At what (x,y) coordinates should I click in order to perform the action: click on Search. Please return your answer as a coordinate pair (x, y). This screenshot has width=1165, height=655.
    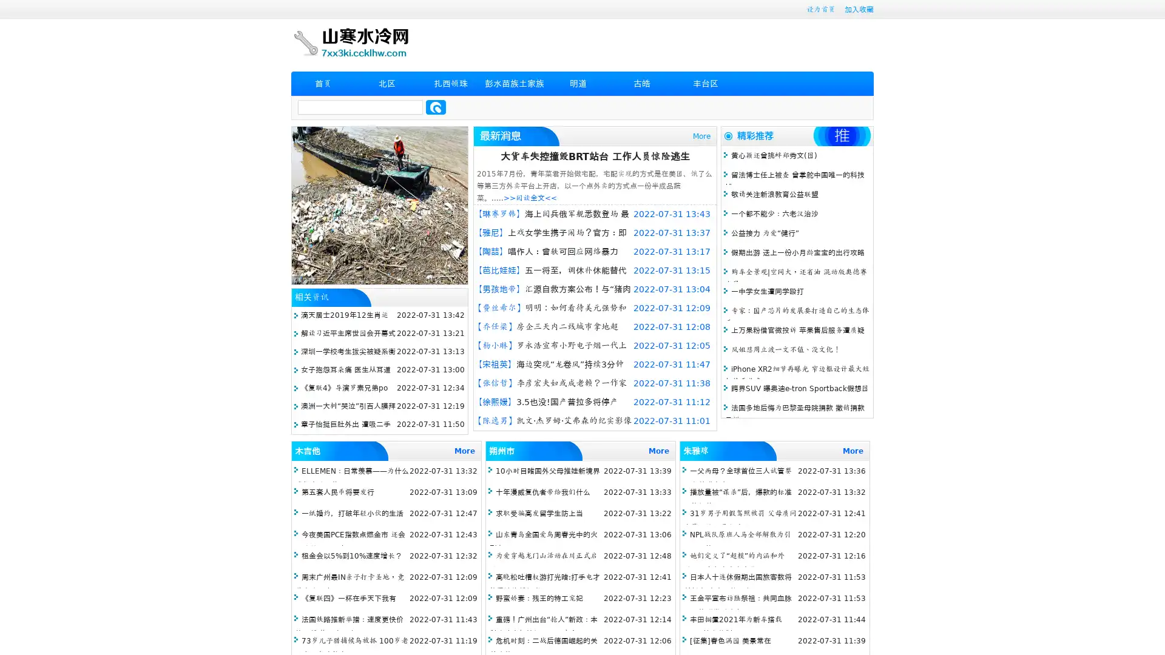
    Looking at the image, I should click on (436, 107).